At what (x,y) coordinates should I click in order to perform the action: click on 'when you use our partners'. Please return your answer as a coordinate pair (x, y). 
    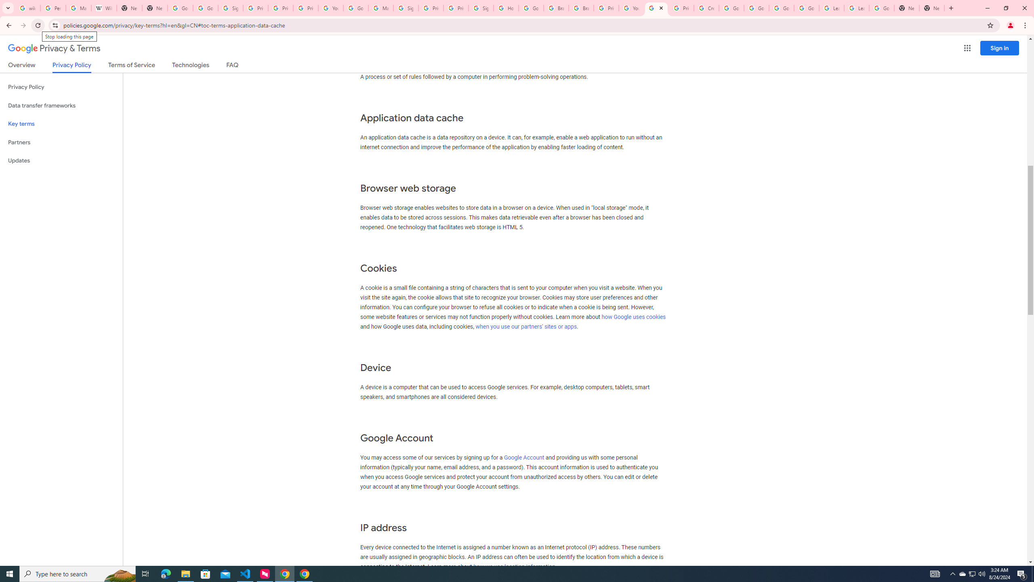
    Looking at the image, I should click on (526, 326).